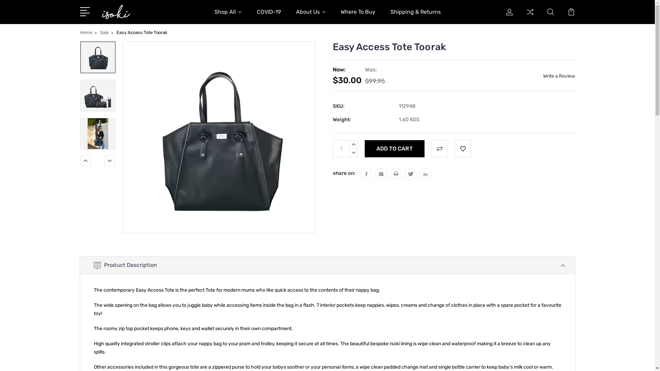 The height and width of the screenshot is (371, 660). Describe the element at coordinates (559, 76) in the screenshot. I see `'Write a Review'` at that location.